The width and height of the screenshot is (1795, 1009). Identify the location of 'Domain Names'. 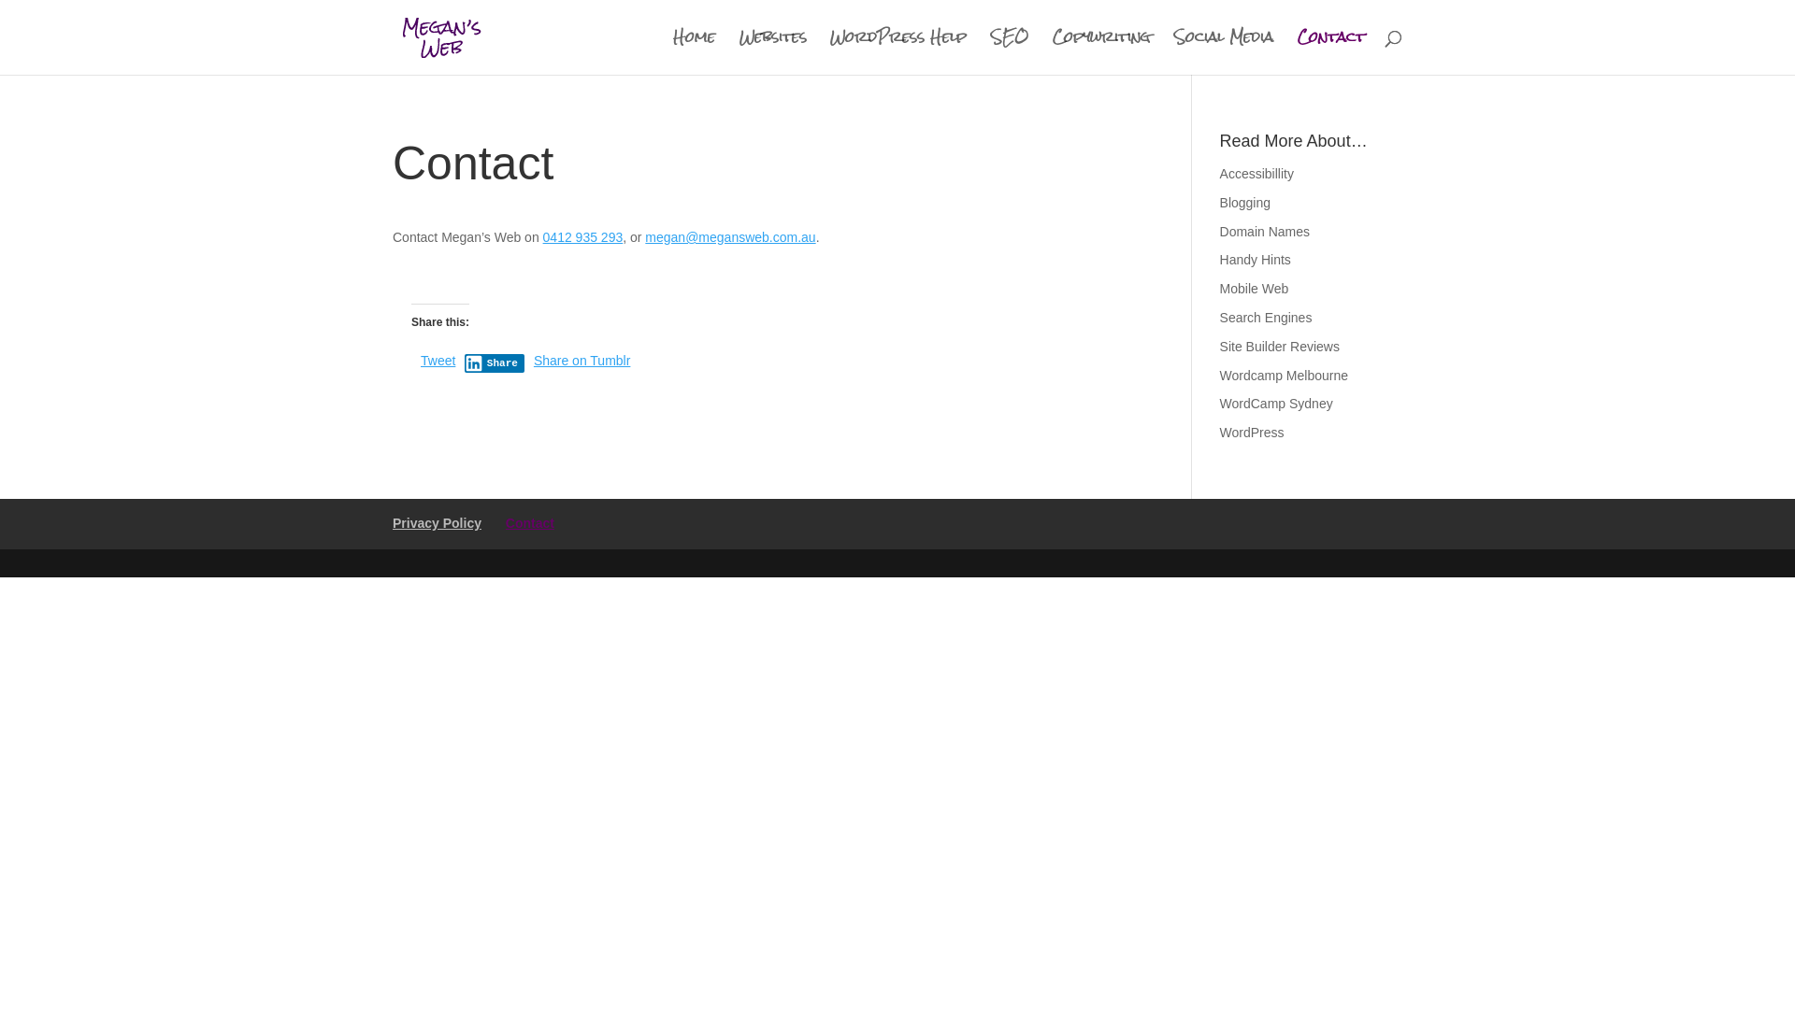
(1220, 230).